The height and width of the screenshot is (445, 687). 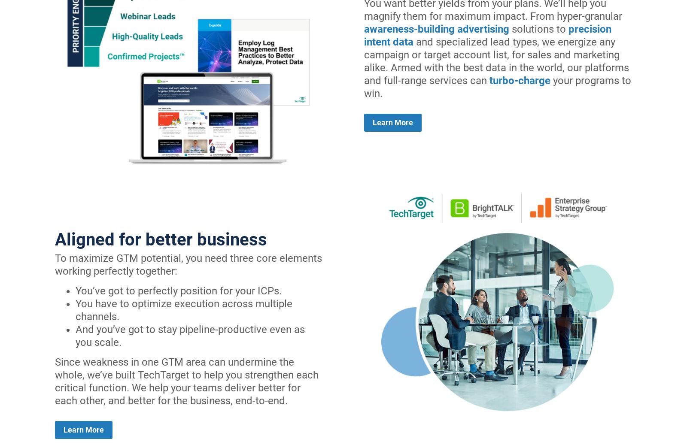 I want to click on 'You’ve got to perfectly position for your ICPs.', so click(x=178, y=290).